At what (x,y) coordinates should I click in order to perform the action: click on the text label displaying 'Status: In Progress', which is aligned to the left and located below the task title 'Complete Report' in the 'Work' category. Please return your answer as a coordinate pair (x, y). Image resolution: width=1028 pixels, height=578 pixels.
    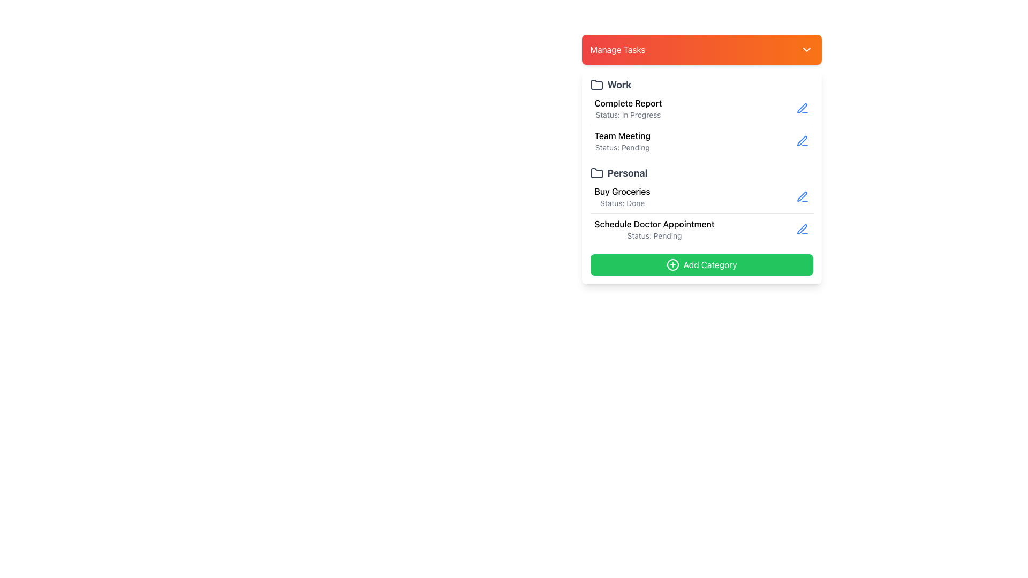
    Looking at the image, I should click on (628, 115).